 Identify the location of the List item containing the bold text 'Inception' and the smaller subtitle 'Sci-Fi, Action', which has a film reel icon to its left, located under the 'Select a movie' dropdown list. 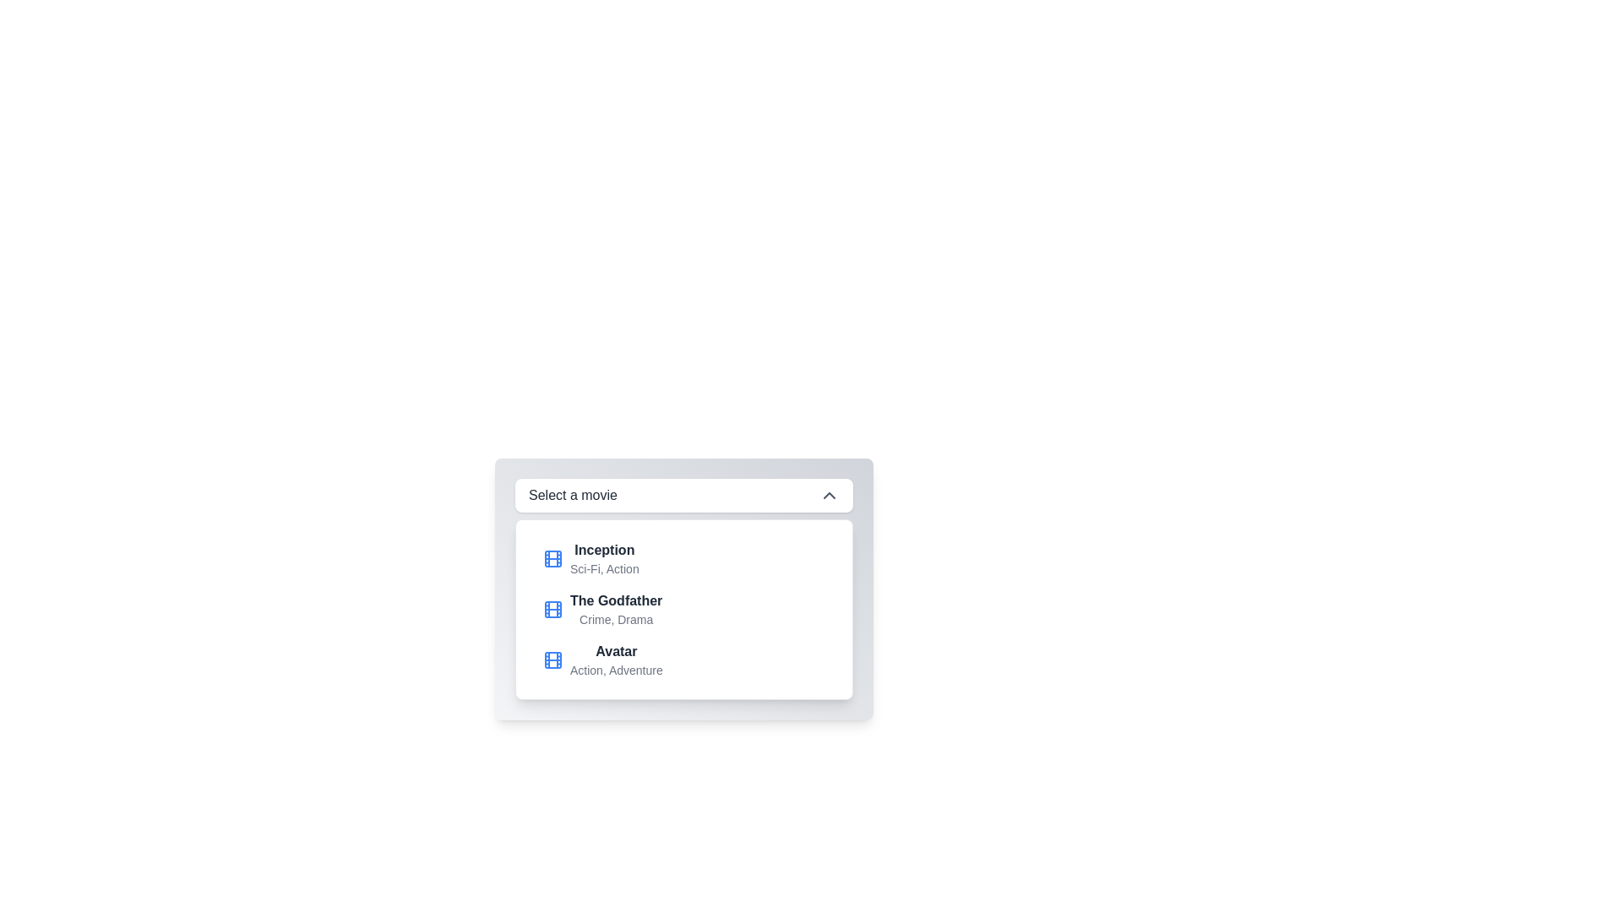
(591, 559).